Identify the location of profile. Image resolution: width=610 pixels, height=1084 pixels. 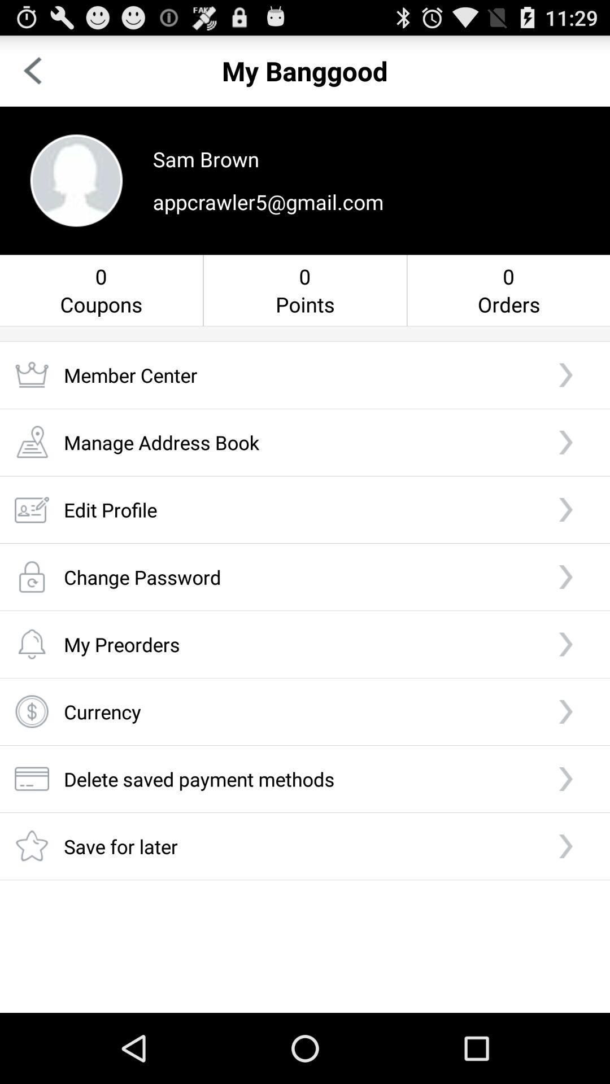
(76, 180).